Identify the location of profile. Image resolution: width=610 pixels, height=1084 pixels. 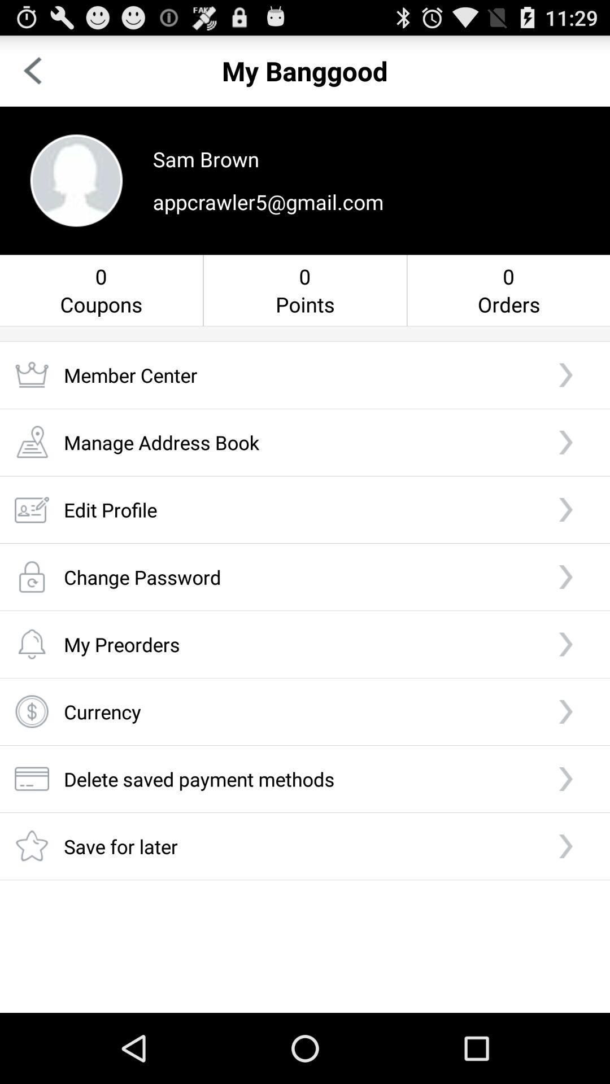
(76, 180).